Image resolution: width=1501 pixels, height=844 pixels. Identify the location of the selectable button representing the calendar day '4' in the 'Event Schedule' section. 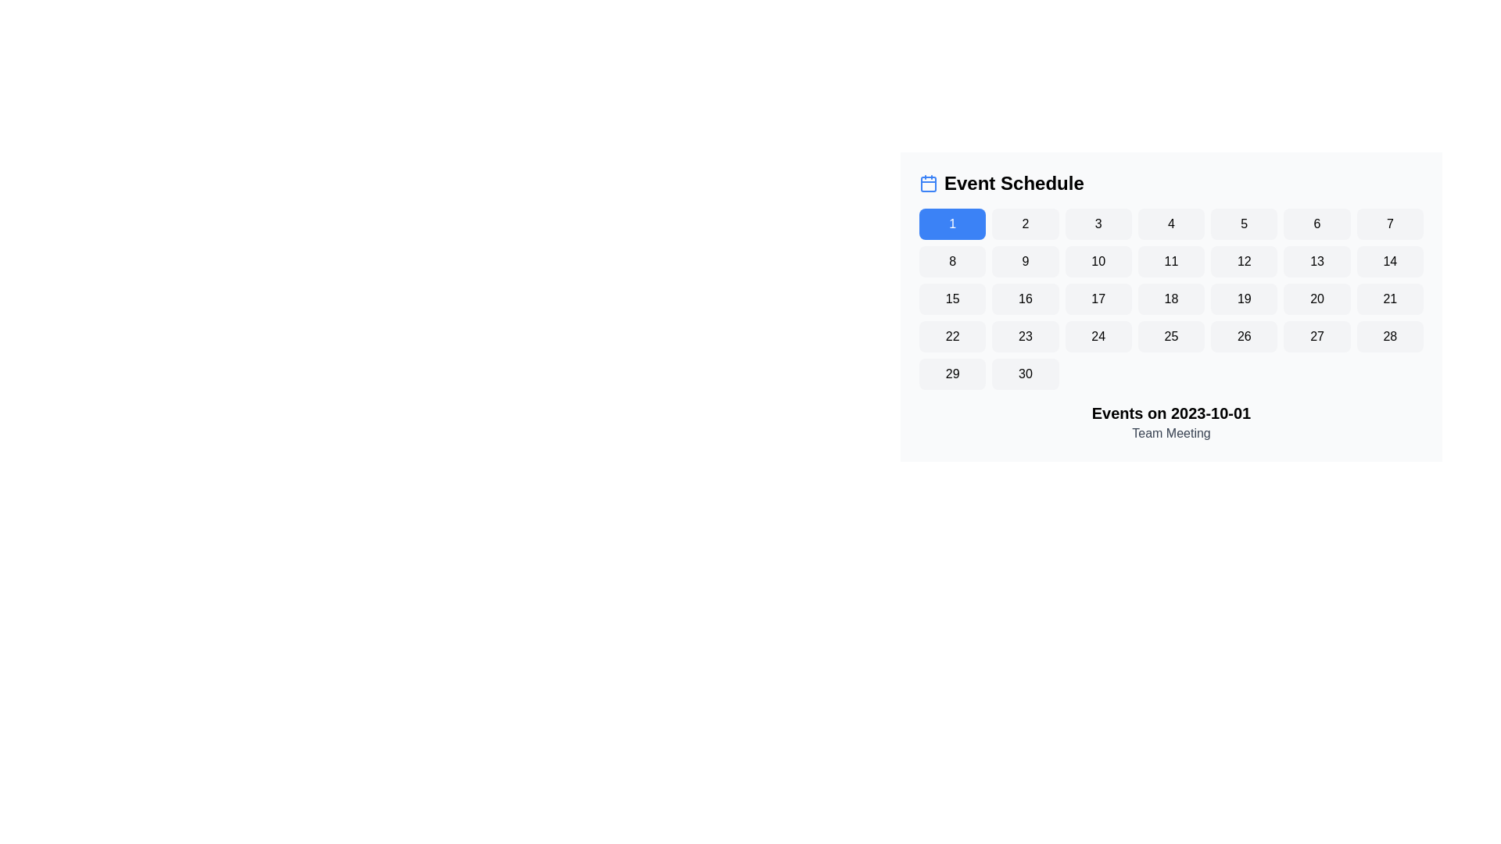
(1171, 224).